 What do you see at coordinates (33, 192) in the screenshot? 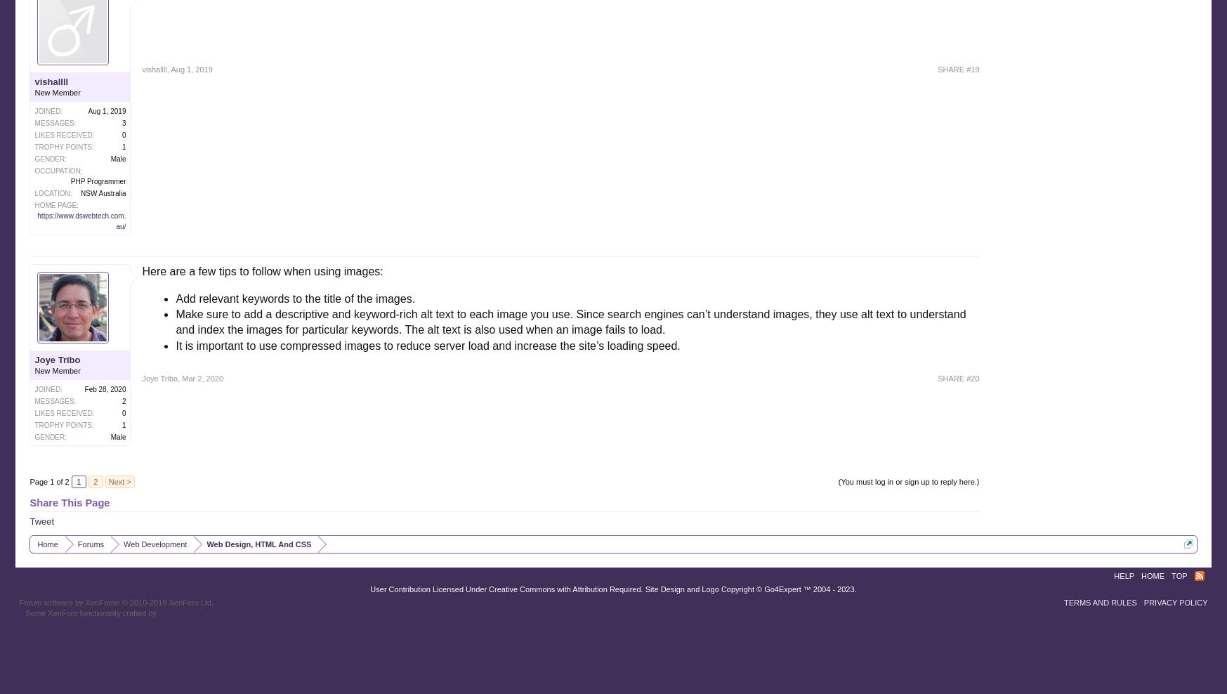
I see `'Location:'` at bounding box center [33, 192].